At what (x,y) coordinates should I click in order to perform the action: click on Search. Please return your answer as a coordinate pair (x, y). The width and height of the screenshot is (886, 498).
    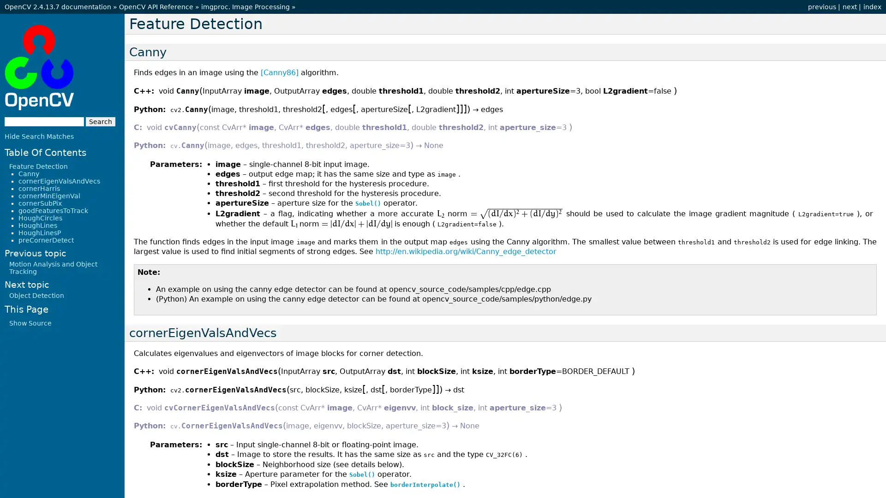
    Looking at the image, I should click on (100, 120).